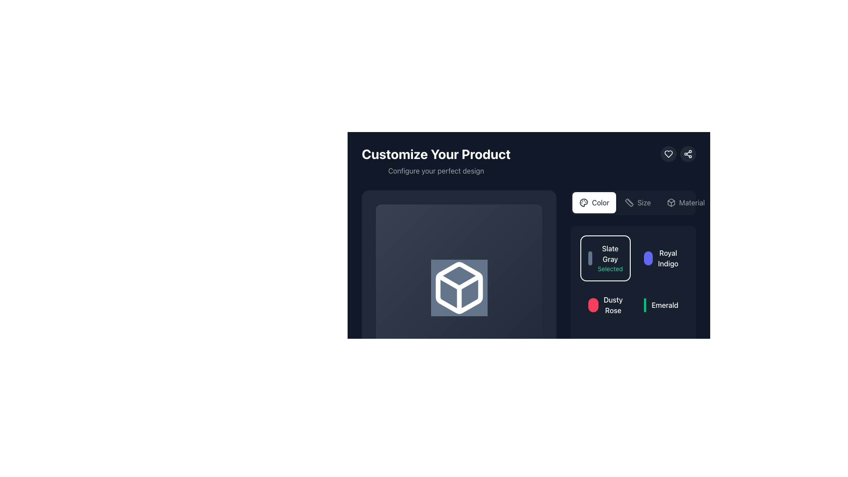  What do you see at coordinates (609, 258) in the screenshot?
I see `the label indicating the color selection, which consists of a bold 'Slate Gray' on top of a smaller 'Selected' label, located centrally in the right panel under the 'Color' tab` at bounding box center [609, 258].